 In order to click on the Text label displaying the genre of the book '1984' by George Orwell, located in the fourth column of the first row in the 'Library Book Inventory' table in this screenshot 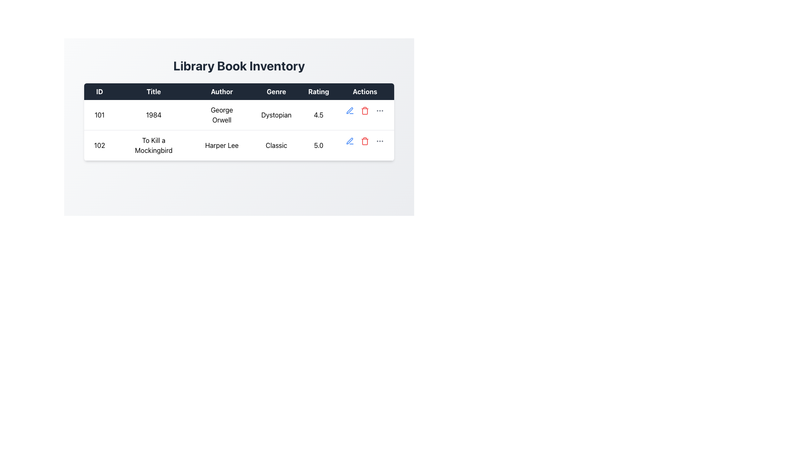, I will do `click(276, 115)`.